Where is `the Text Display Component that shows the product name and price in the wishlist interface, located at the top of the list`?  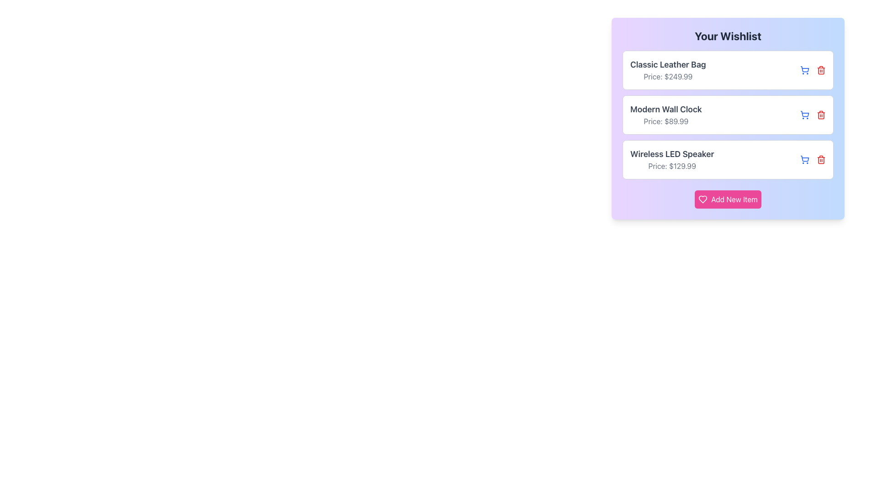
the Text Display Component that shows the product name and price in the wishlist interface, located at the top of the list is located at coordinates (668, 70).